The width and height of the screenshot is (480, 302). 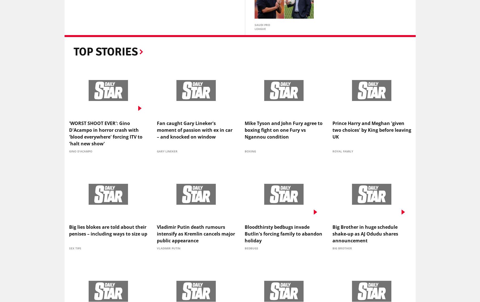 What do you see at coordinates (262, 28) in the screenshot?
I see `'Saudi Pro League'` at bounding box center [262, 28].